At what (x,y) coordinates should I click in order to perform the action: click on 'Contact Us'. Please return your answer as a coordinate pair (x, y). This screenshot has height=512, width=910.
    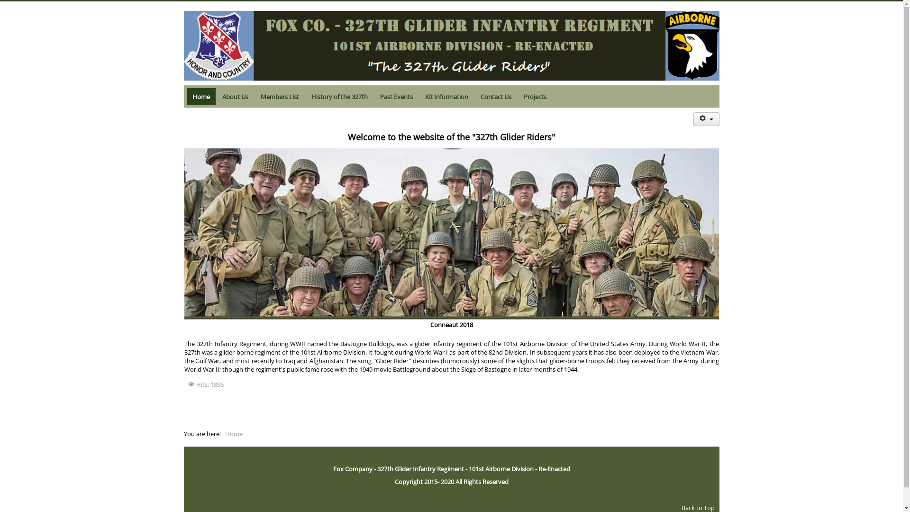
    Looking at the image, I should click on (495, 97).